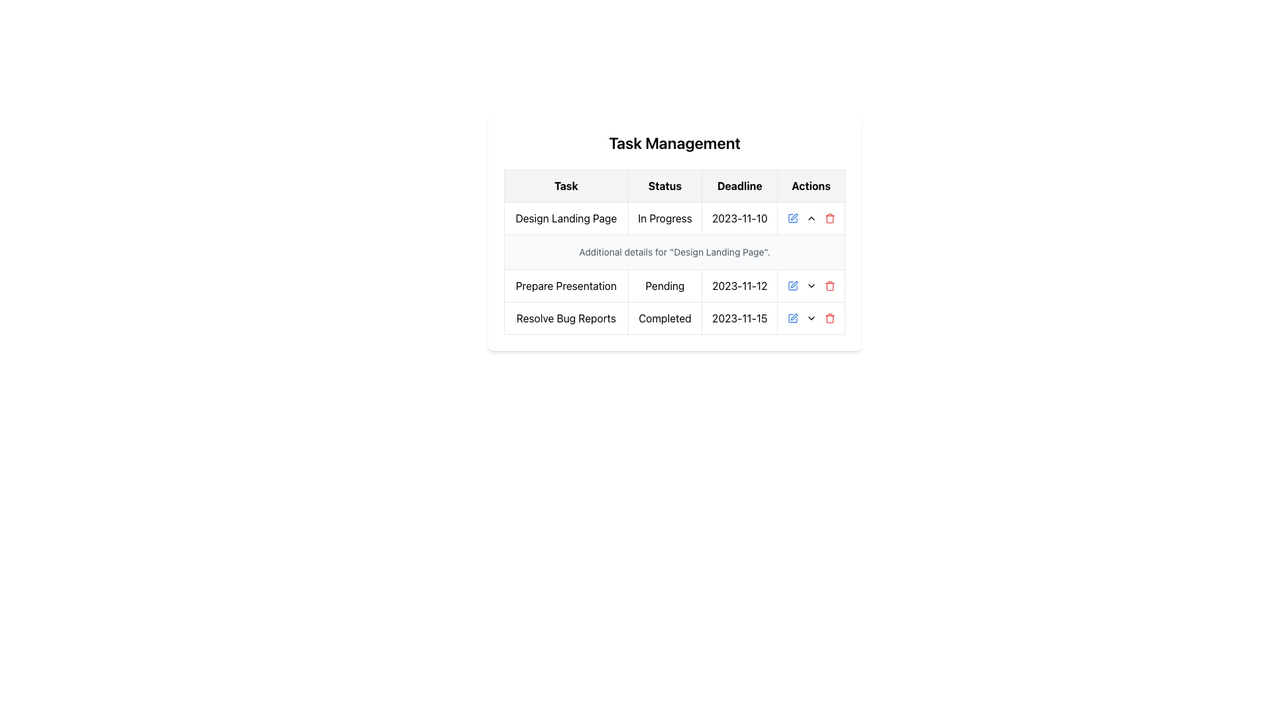  Describe the element at coordinates (674, 318) in the screenshot. I see `the third row of the tabular display that contains 'Resolve Bug Reports', 'Completed', '2023-11-15', and interactive icons` at that location.